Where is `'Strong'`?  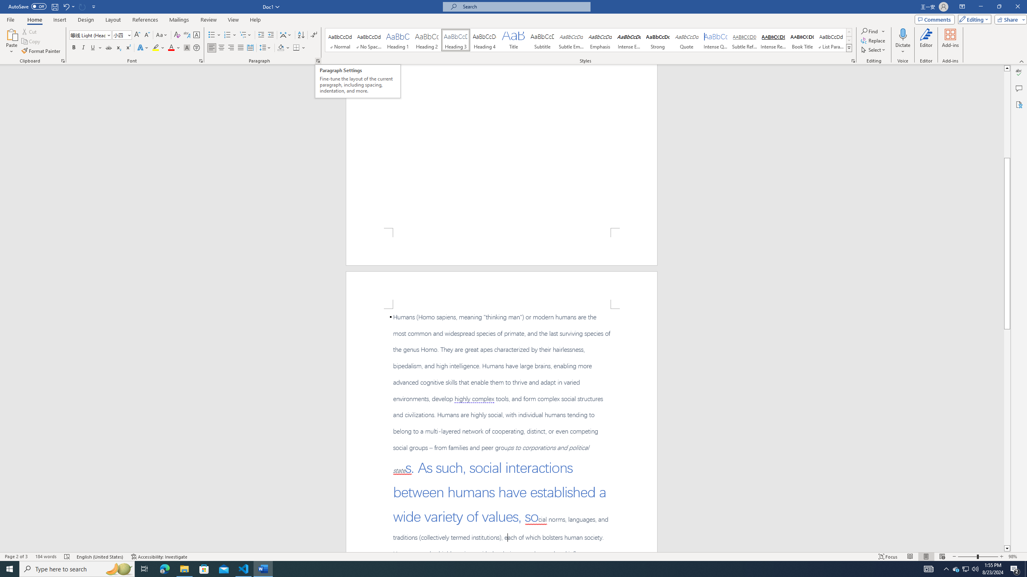 'Strong' is located at coordinates (658, 40).